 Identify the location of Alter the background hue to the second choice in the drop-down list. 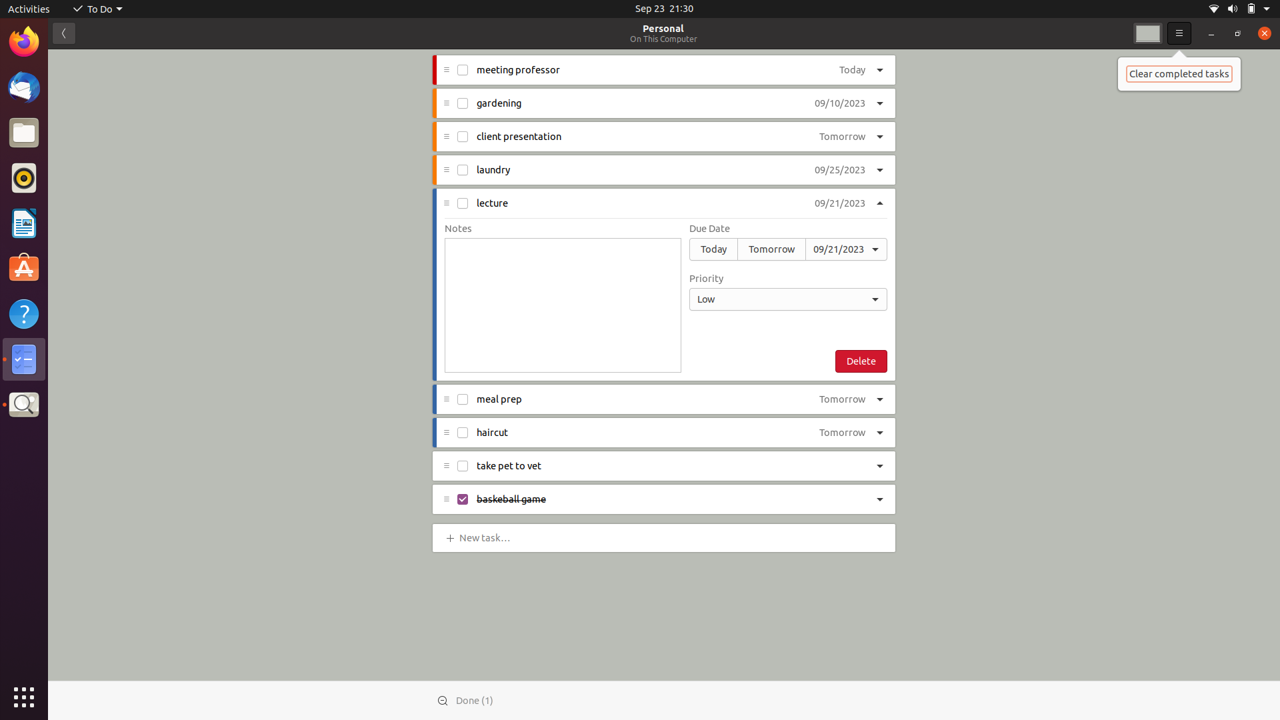
(1147, 33).